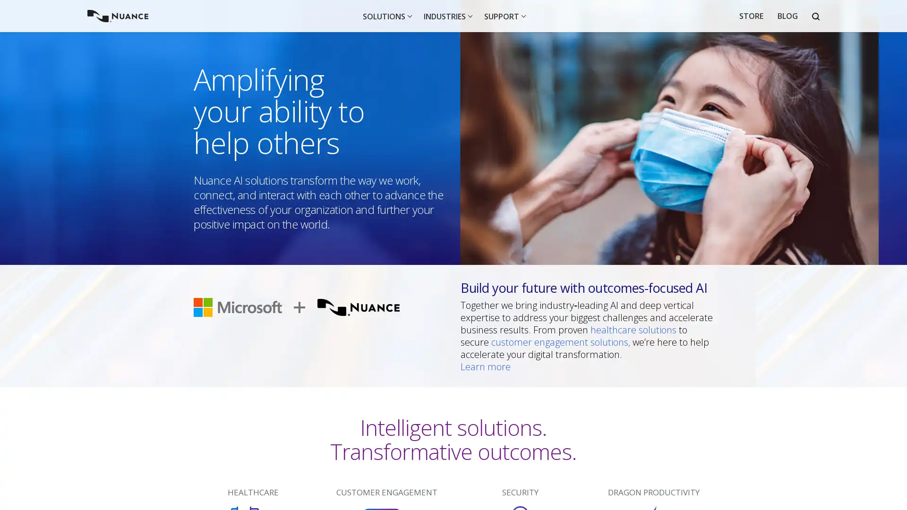 The width and height of the screenshot is (907, 510). What do you see at coordinates (815, 17) in the screenshot?
I see `Open Search` at bounding box center [815, 17].